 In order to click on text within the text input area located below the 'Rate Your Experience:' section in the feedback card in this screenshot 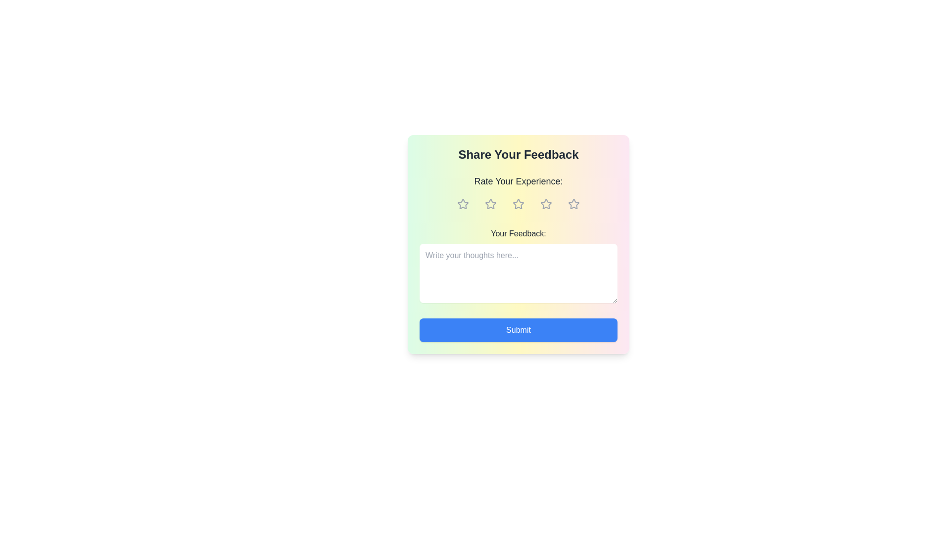, I will do `click(518, 267)`.